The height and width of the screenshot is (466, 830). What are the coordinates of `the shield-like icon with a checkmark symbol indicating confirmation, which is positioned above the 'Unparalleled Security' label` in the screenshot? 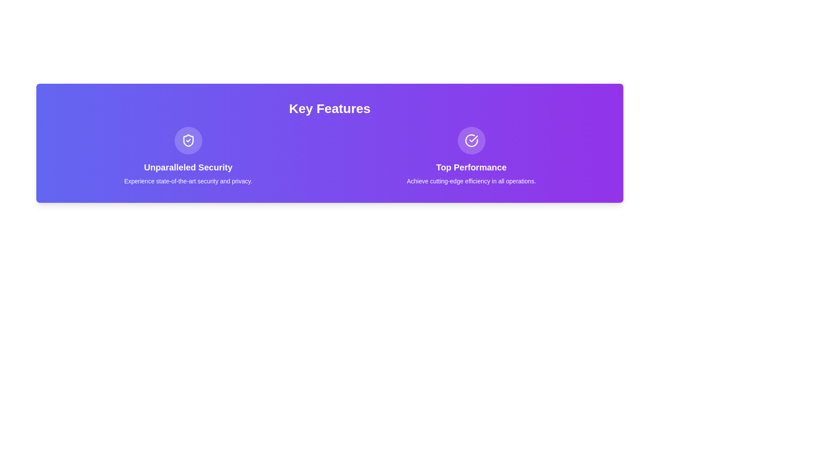 It's located at (188, 140).